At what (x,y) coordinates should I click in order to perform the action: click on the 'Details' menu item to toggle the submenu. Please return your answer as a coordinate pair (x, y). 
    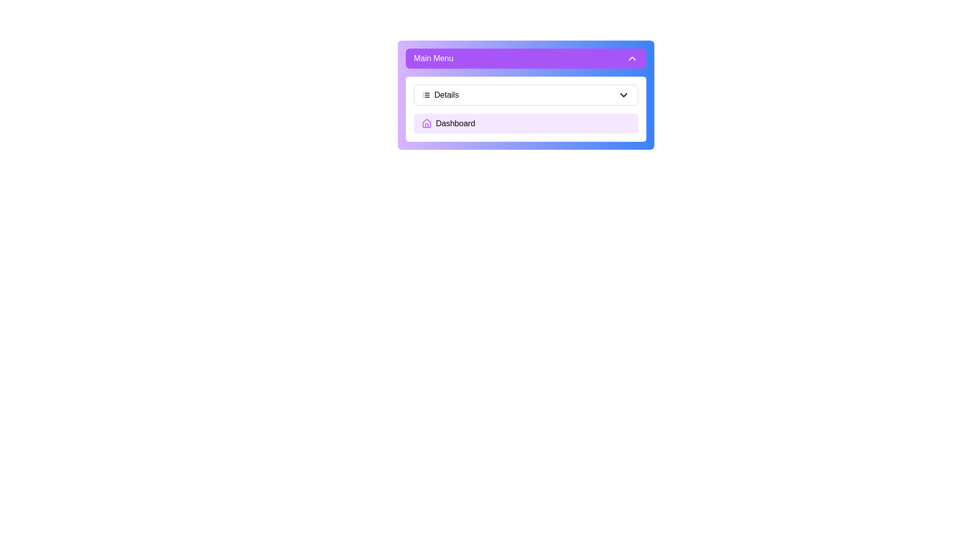
    Looking at the image, I should click on (526, 95).